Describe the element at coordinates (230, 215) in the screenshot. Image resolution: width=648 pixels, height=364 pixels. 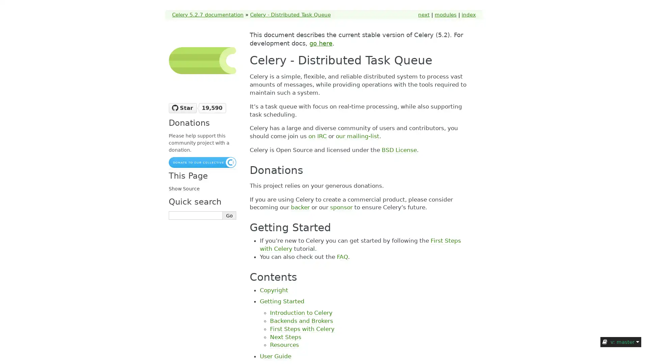
I see `Go` at that location.